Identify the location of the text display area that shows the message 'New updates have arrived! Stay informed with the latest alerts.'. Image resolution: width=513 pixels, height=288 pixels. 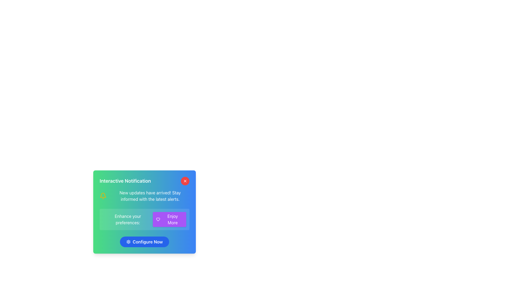
(150, 196).